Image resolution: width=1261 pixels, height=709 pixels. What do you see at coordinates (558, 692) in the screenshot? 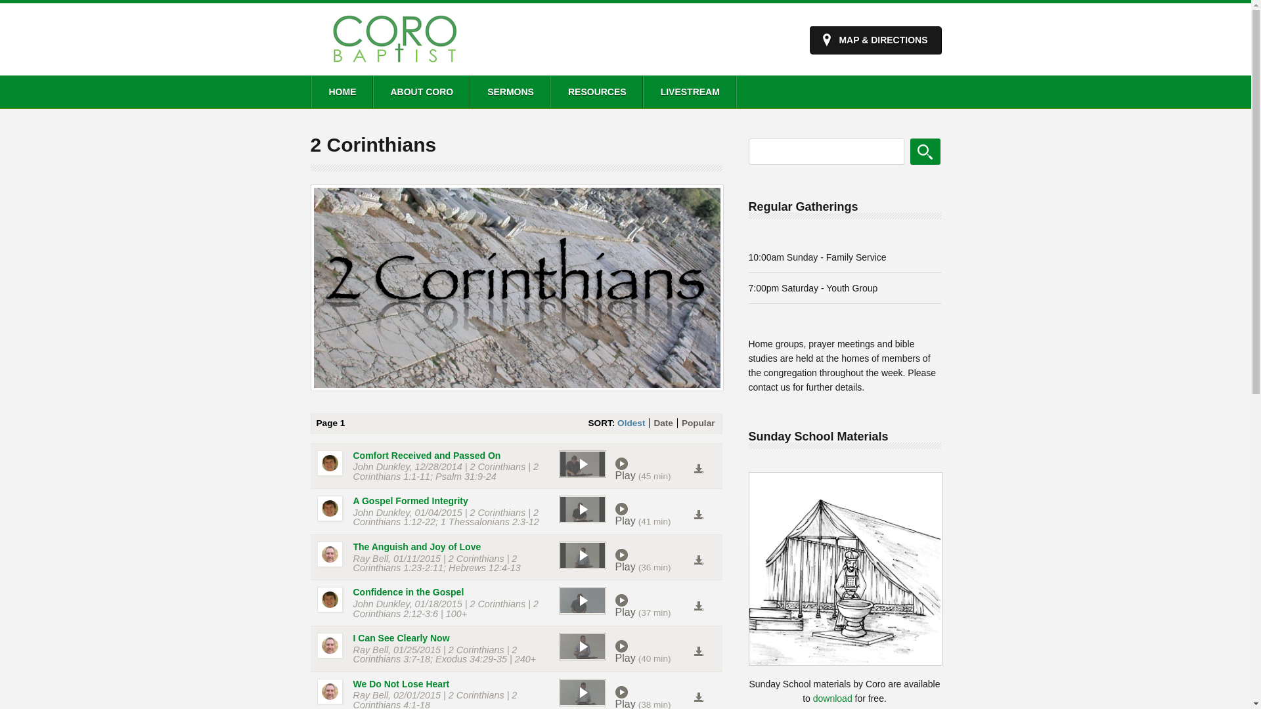
I see `'Video'` at bounding box center [558, 692].